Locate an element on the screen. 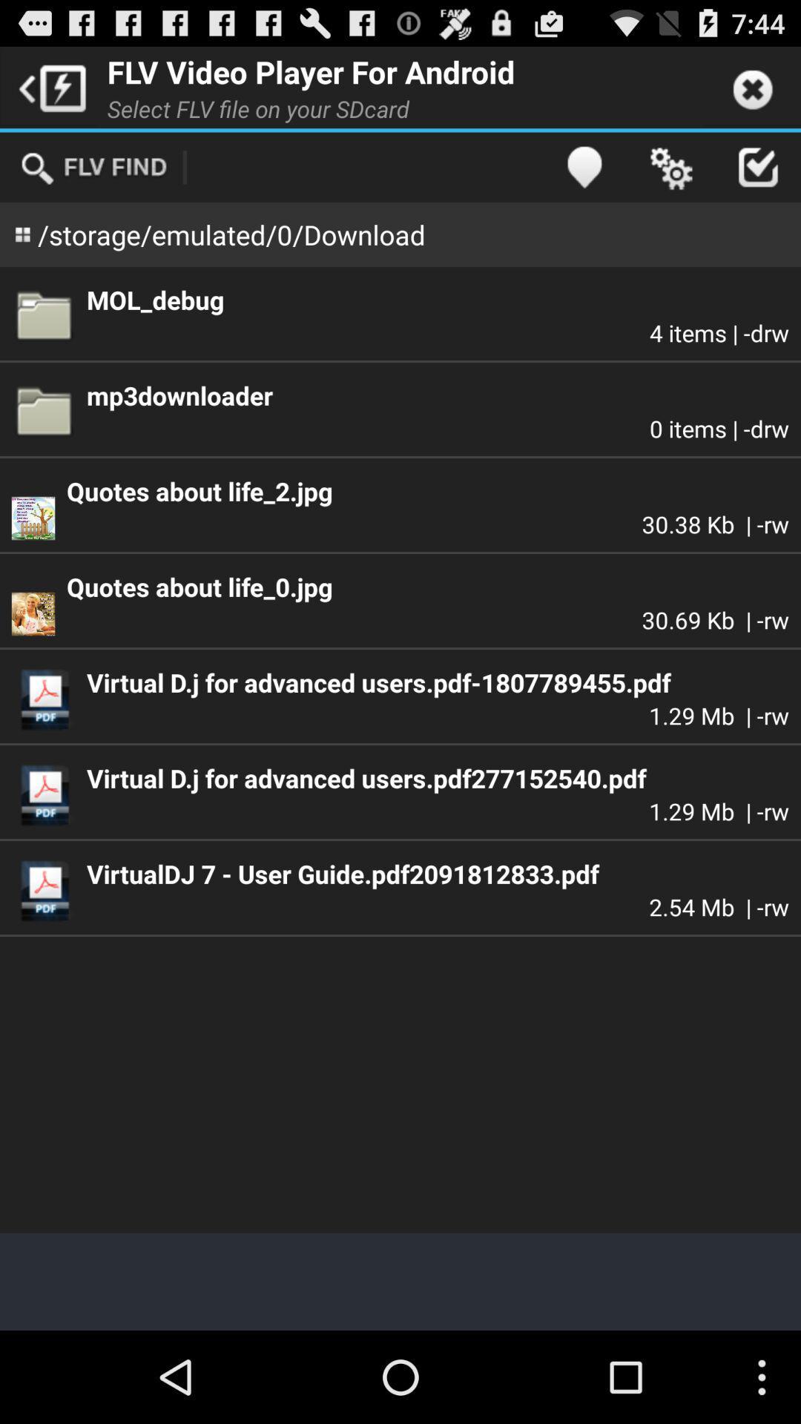 This screenshot has height=1424, width=801. the settings icon is located at coordinates (670, 178).